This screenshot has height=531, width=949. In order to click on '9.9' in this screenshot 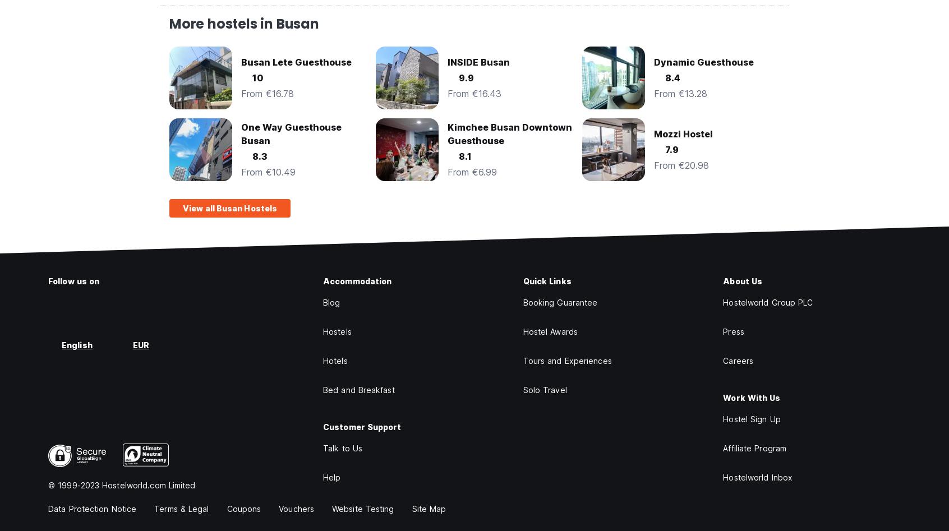, I will do `click(459, 77)`.